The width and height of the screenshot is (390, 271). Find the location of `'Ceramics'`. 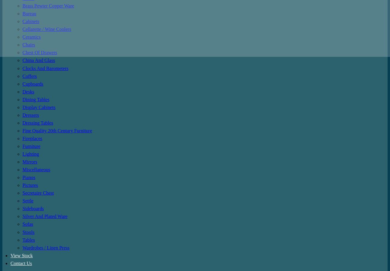

'Ceramics' is located at coordinates (31, 37).